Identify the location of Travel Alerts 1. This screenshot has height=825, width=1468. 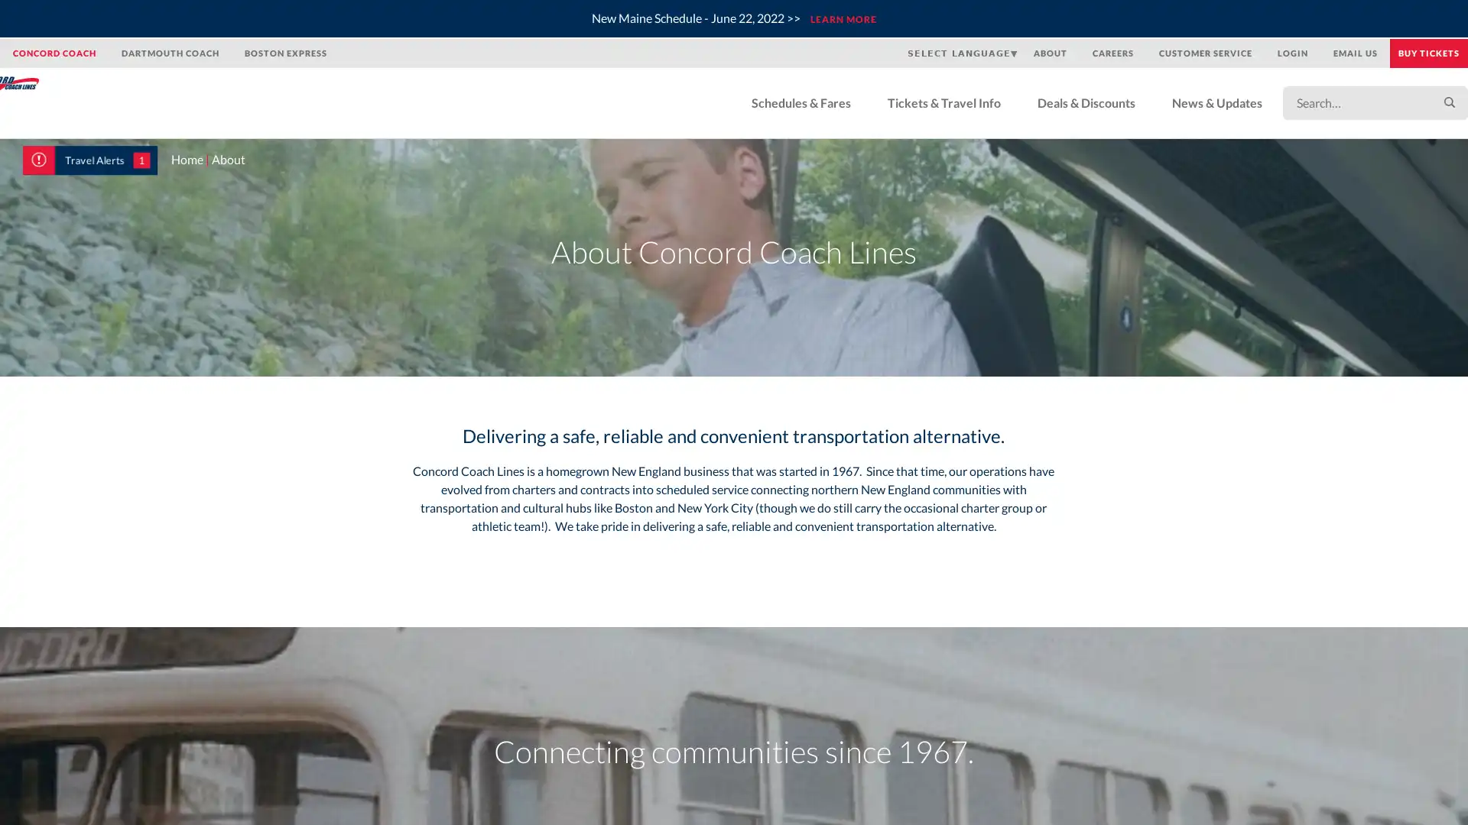
(89, 160).